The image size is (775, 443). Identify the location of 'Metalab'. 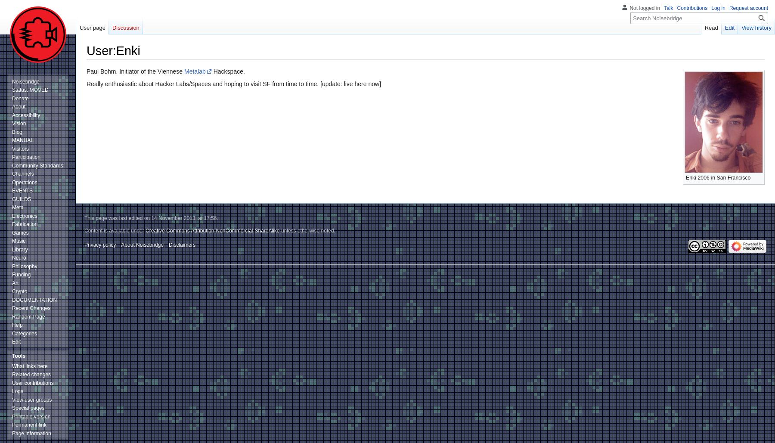
(184, 71).